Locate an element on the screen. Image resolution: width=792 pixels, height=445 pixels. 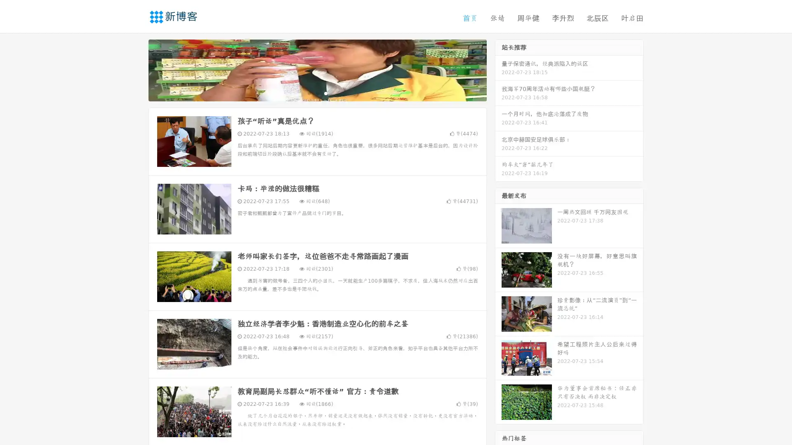
Go to slide 2 is located at coordinates (317, 93).